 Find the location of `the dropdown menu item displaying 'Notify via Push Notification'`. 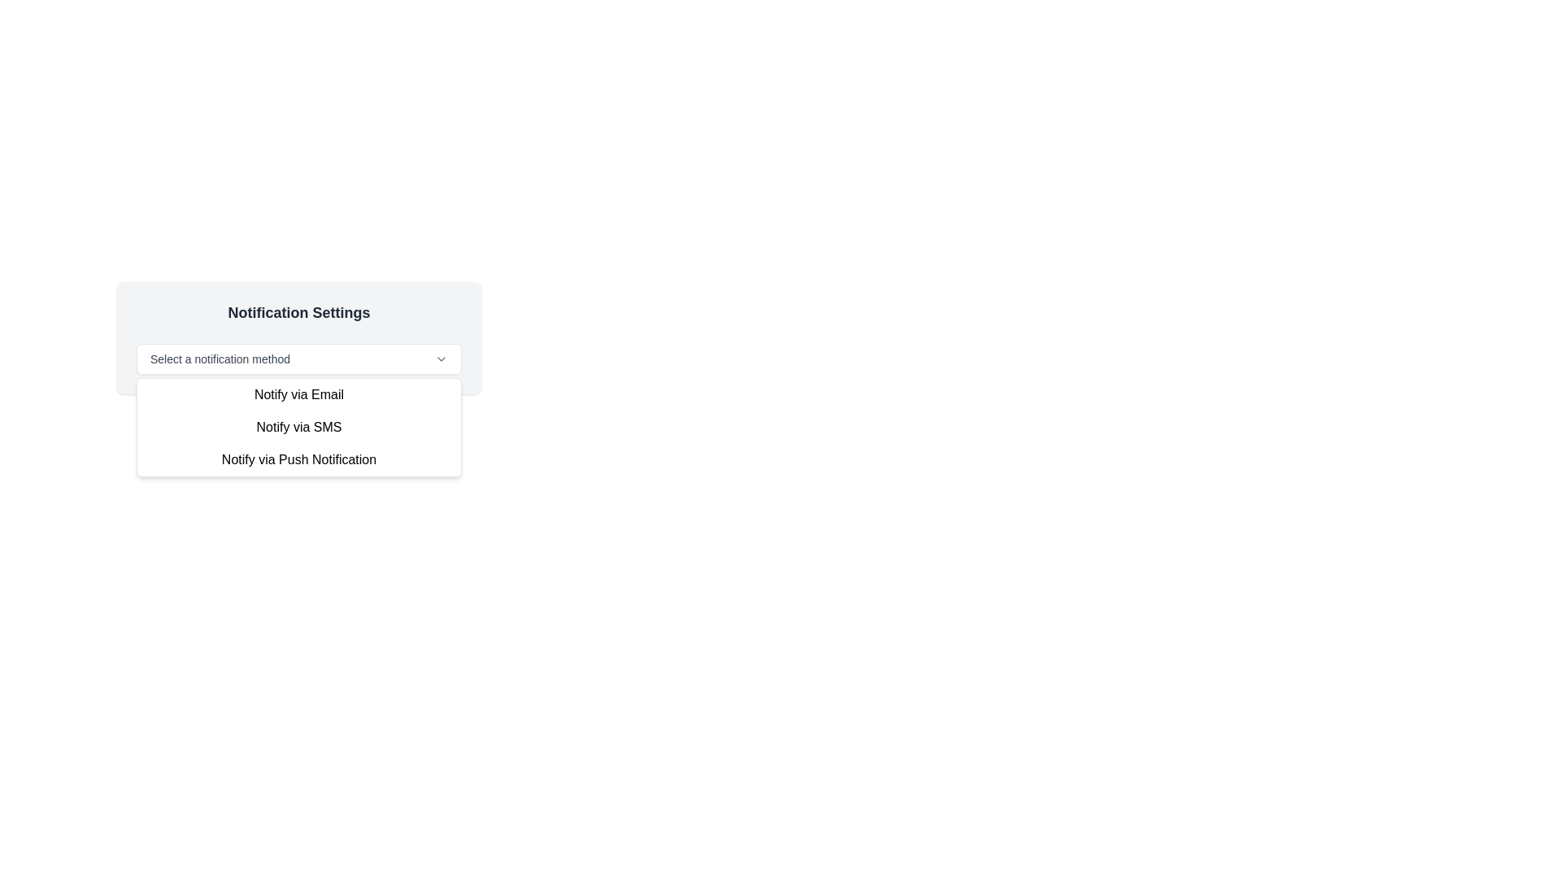

the dropdown menu item displaying 'Notify via Push Notification' is located at coordinates (299, 460).